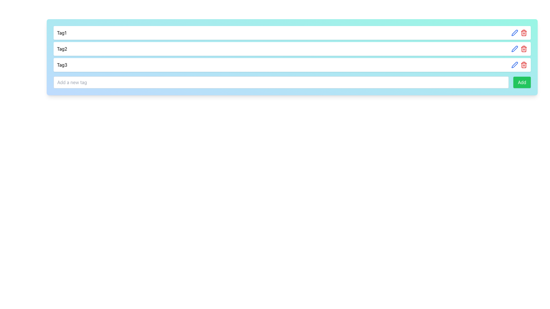  I want to click on the button to add a new tag, so click(522, 82).